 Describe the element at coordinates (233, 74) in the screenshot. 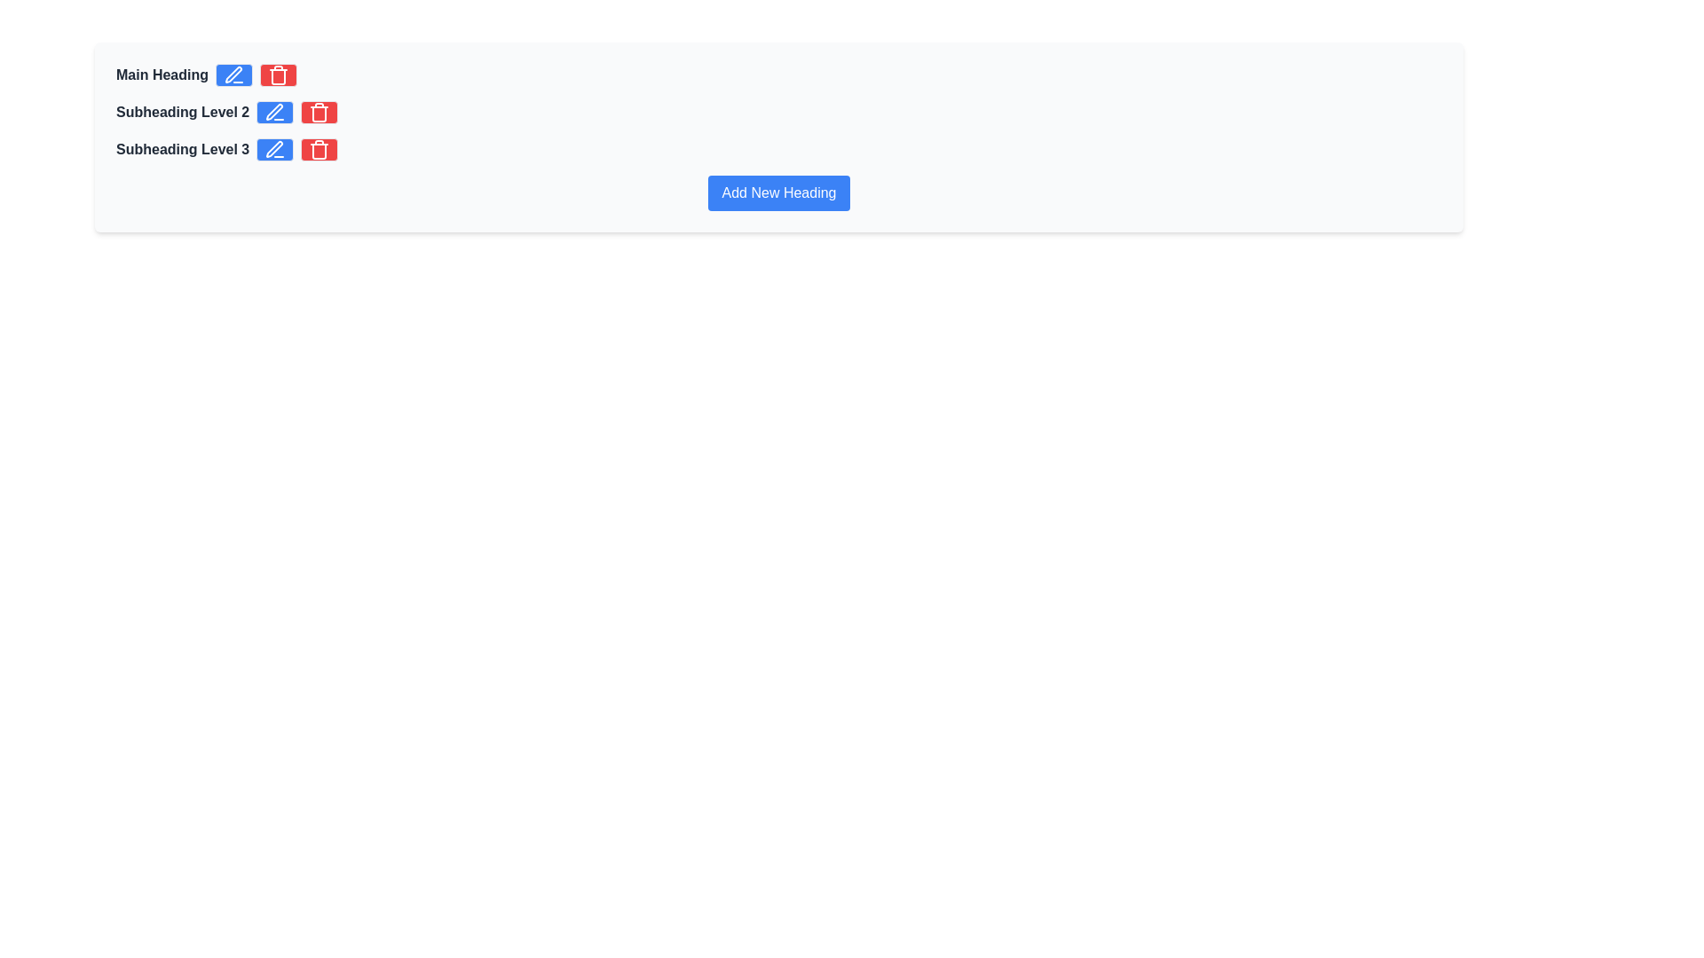

I see `the editing tool icon located to the left of a red icon, aligned right of the 'Main Heading', for keyboard interaction` at that location.